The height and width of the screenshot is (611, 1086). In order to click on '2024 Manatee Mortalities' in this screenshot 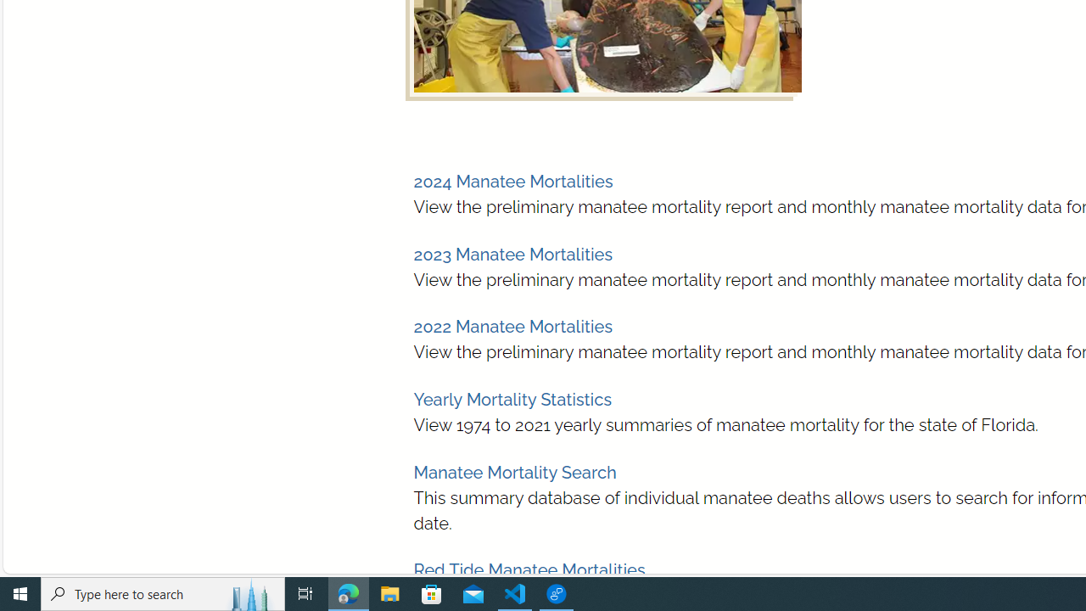, I will do `click(512, 182)`.